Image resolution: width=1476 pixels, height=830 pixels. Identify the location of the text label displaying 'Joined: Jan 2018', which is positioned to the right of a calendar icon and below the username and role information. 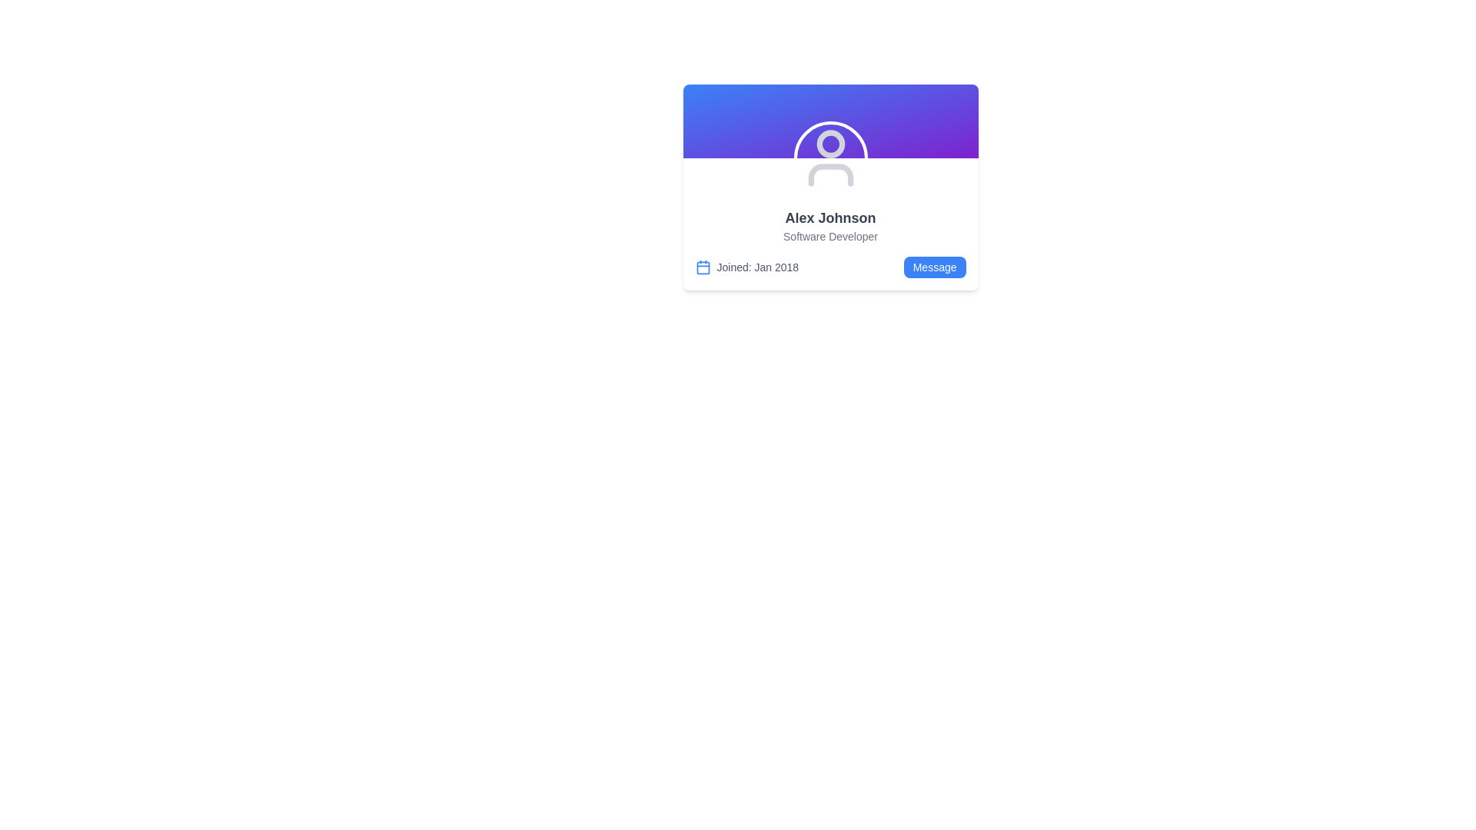
(757, 266).